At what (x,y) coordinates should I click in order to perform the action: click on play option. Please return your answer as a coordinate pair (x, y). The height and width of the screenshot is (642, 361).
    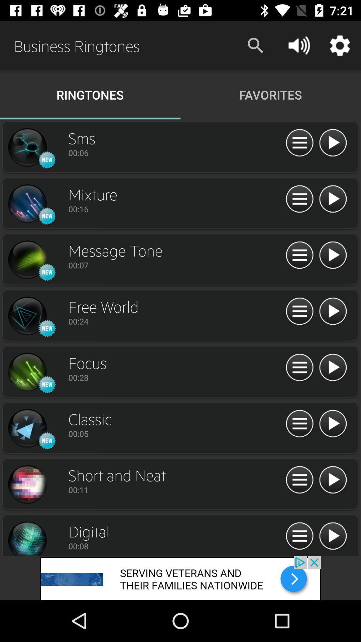
    Looking at the image, I should click on (333, 367).